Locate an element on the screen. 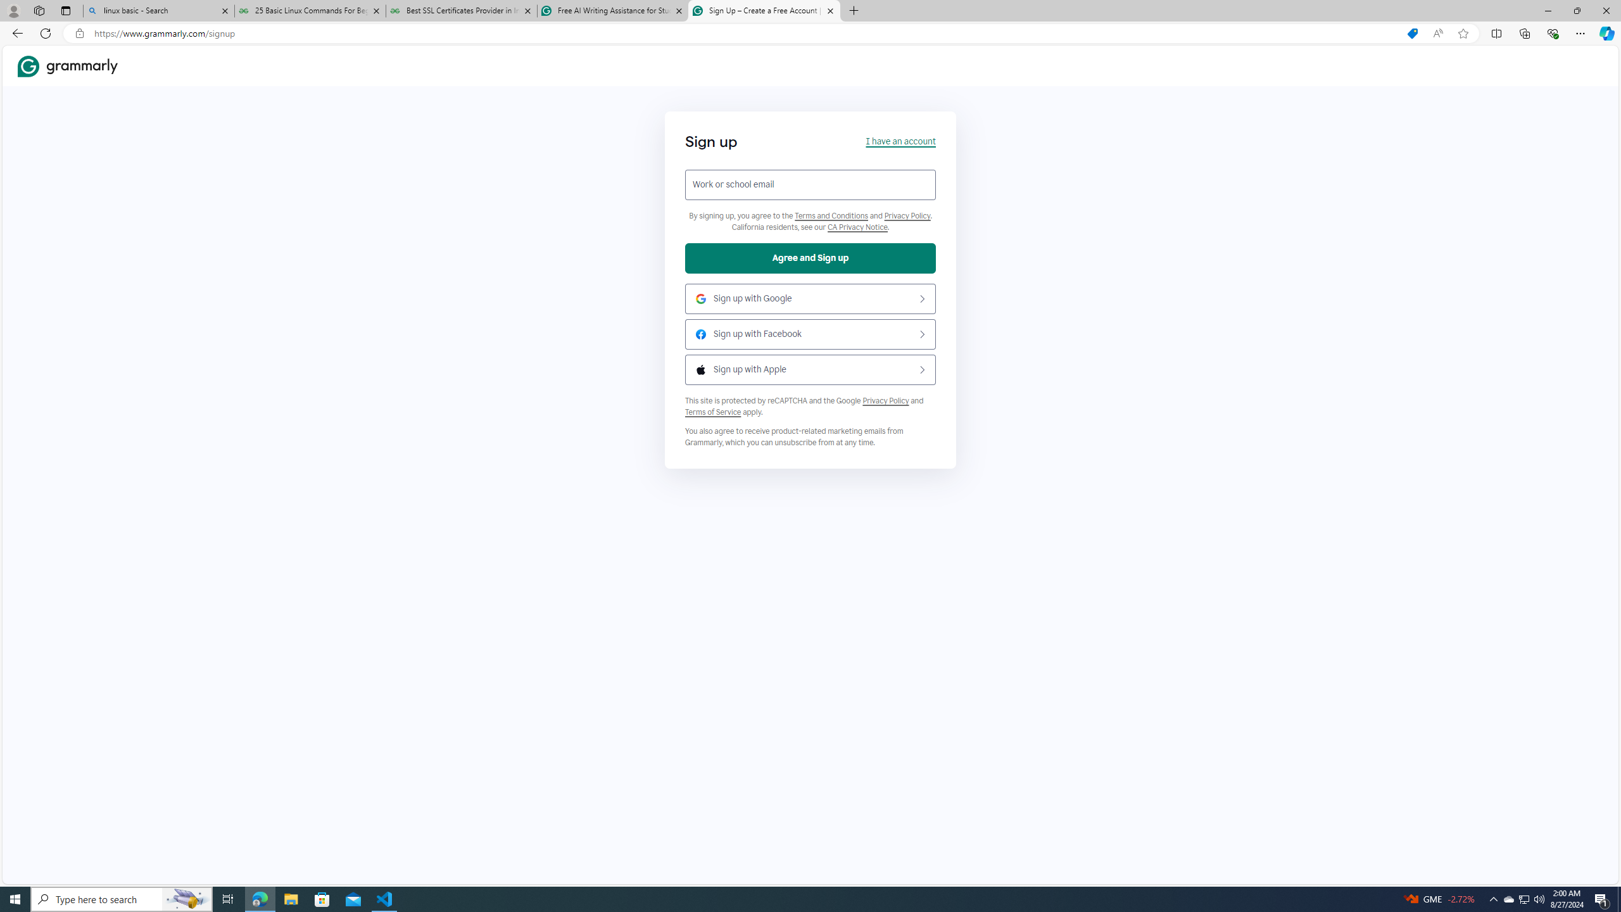 The image size is (1621, 912). 'Google Privacy Policy' is located at coordinates (885, 400).